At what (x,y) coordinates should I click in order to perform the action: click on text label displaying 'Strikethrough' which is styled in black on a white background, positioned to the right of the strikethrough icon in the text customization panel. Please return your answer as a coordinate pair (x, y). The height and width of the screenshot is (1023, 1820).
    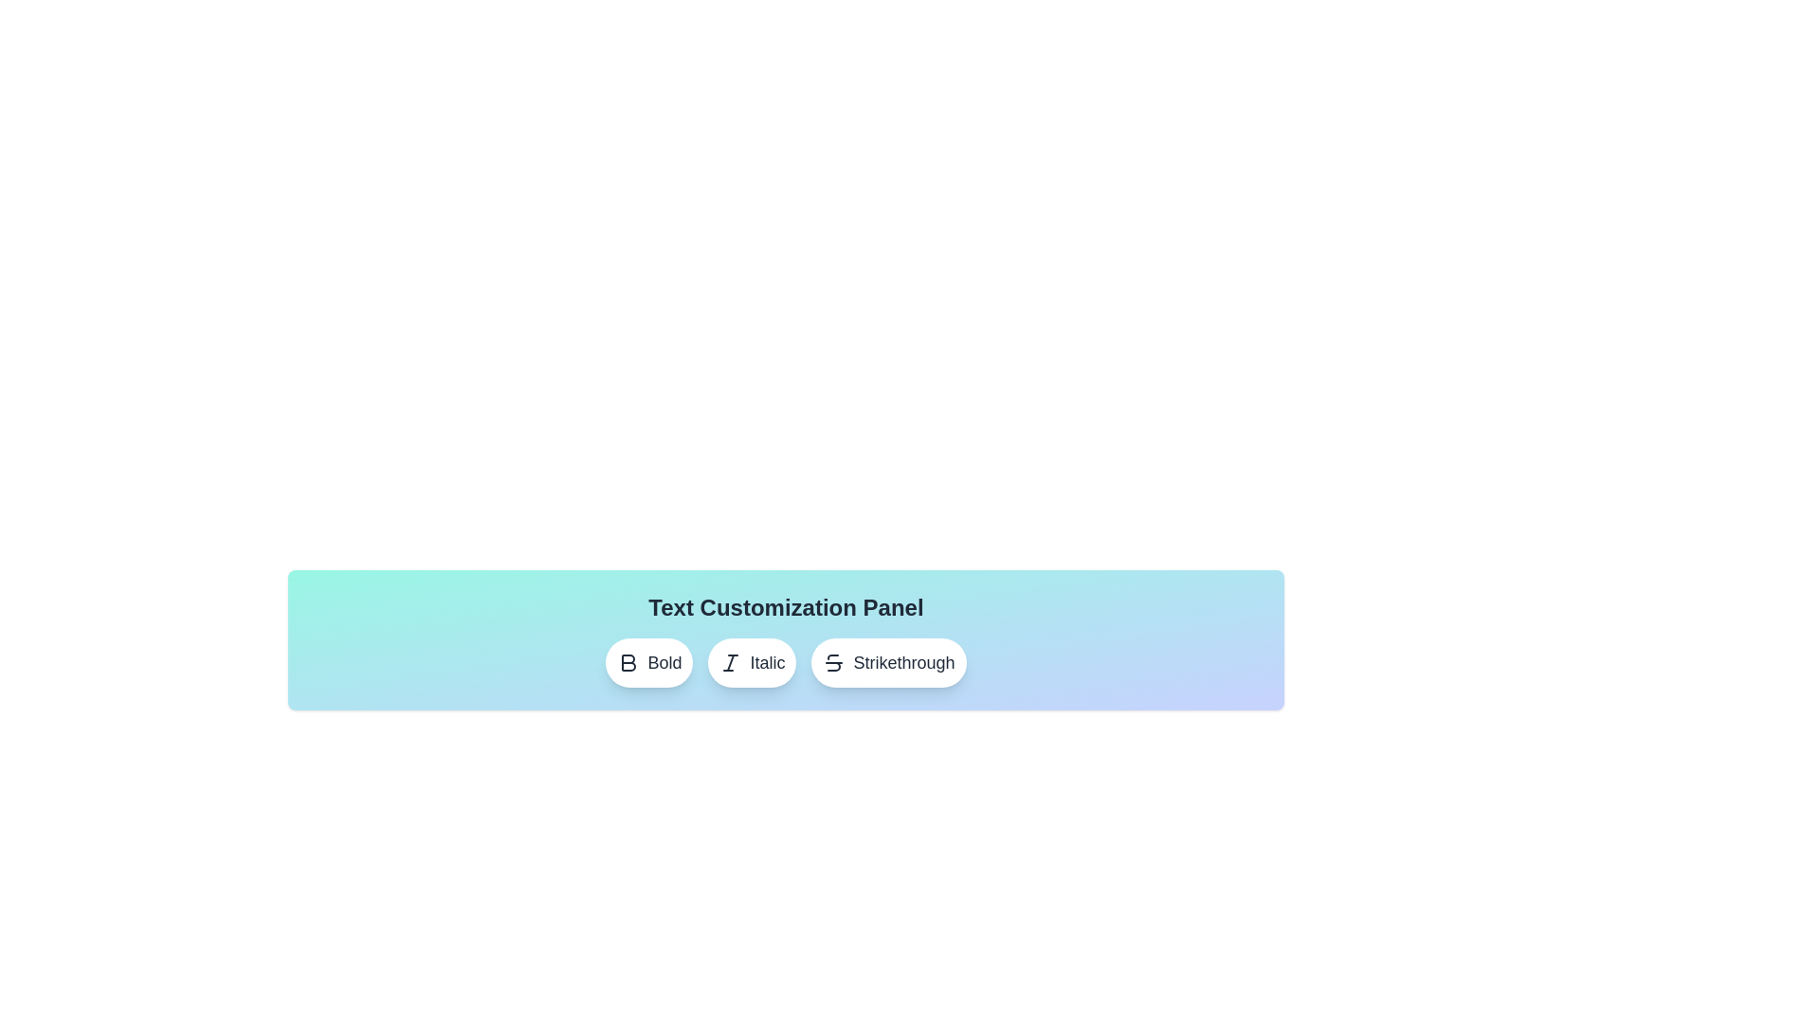
    Looking at the image, I should click on (903, 661).